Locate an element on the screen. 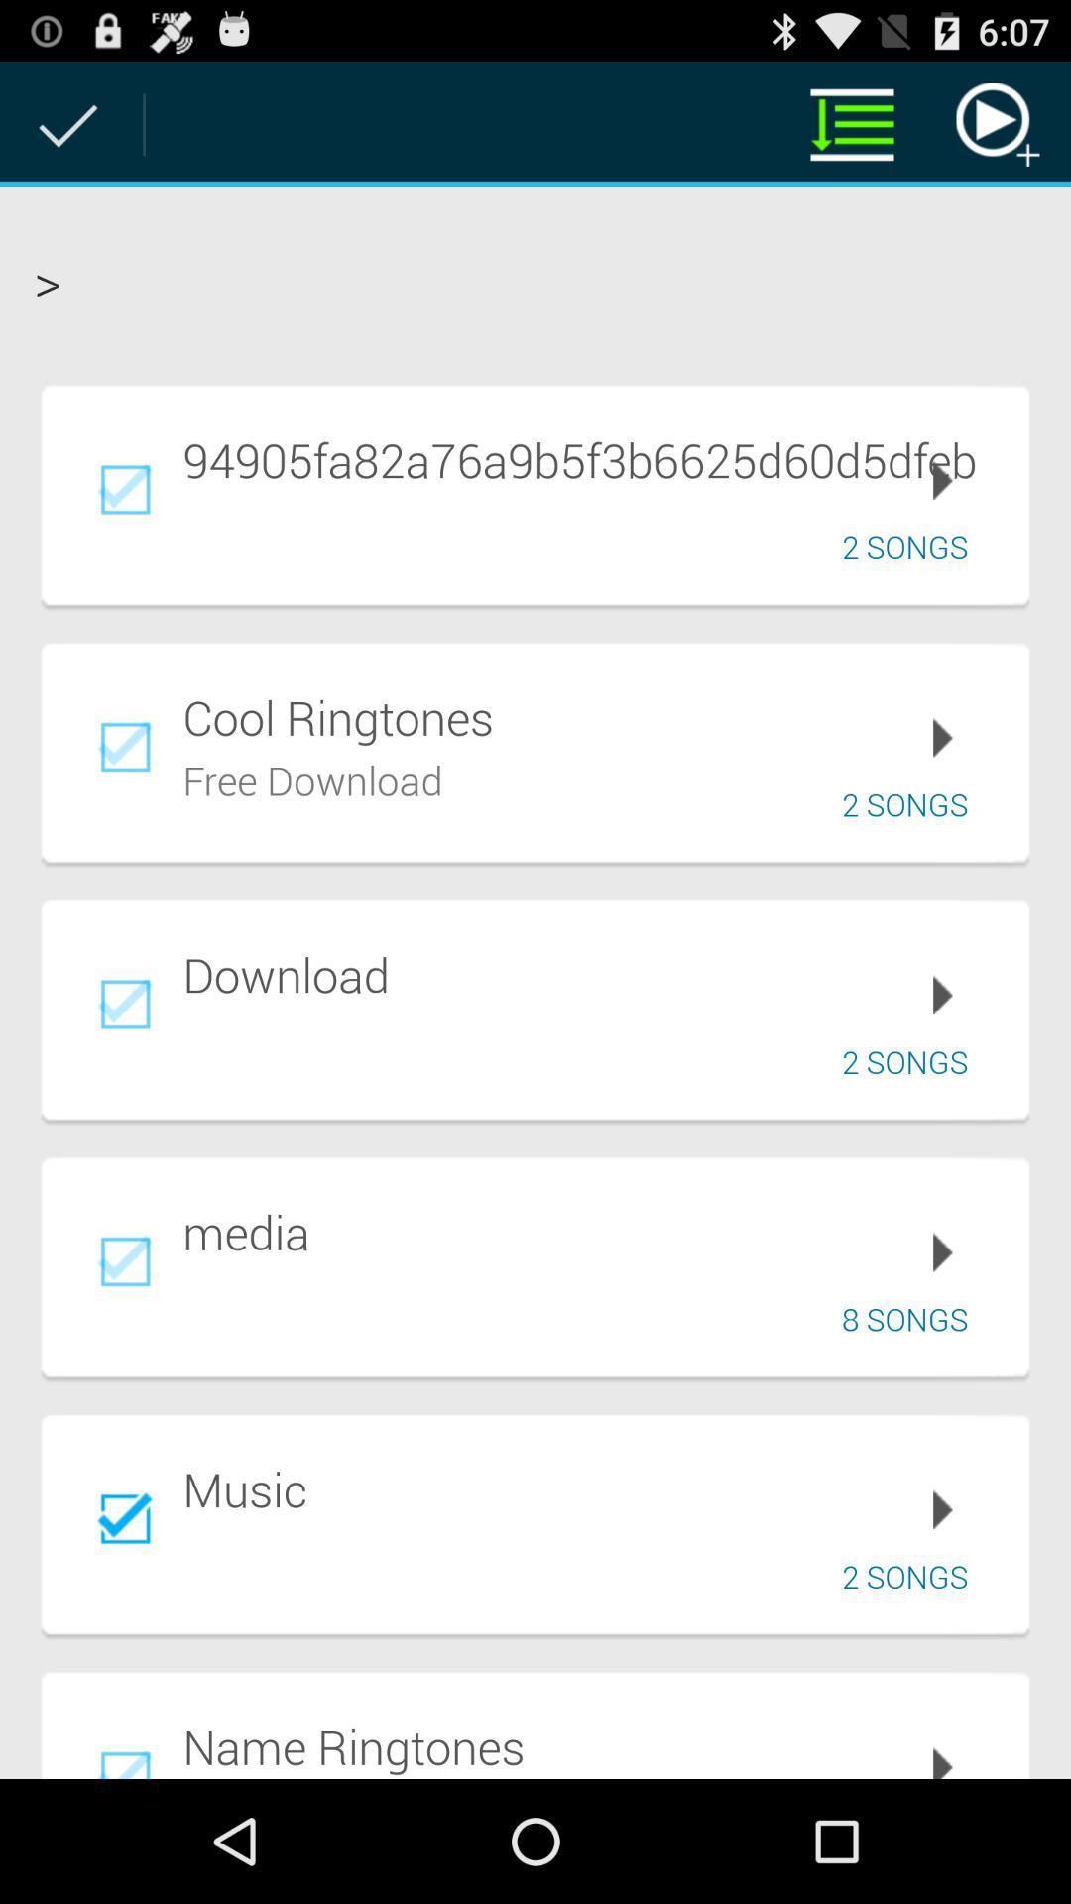 This screenshot has width=1071, height=1904. app to the left of the 2 songs app is located at coordinates (312, 776).